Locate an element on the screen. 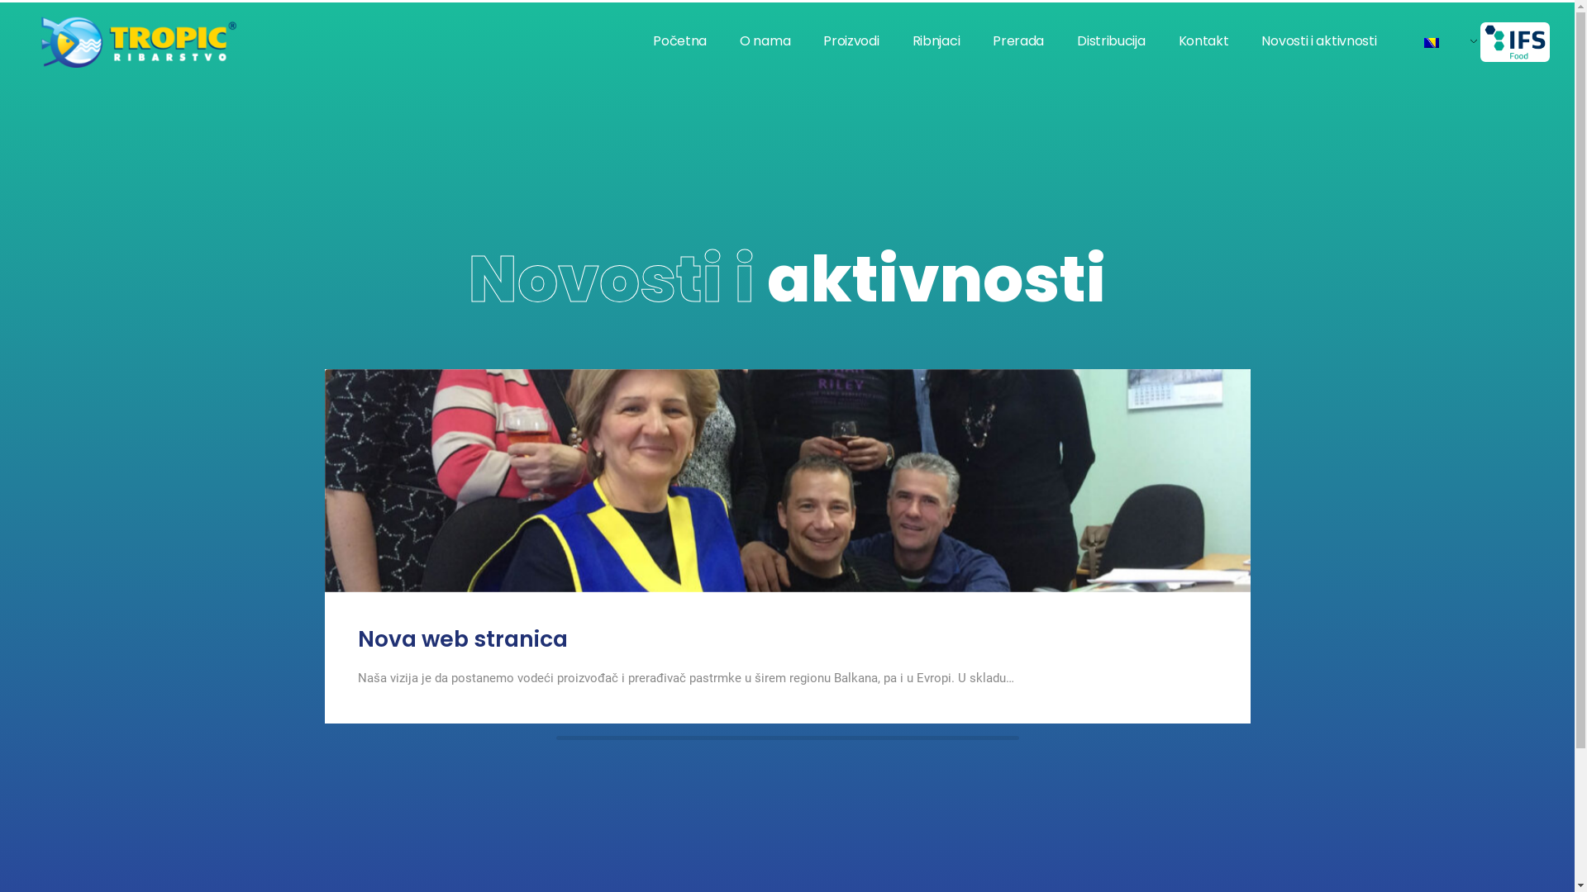  'Ribnjaci' is located at coordinates (936, 40).